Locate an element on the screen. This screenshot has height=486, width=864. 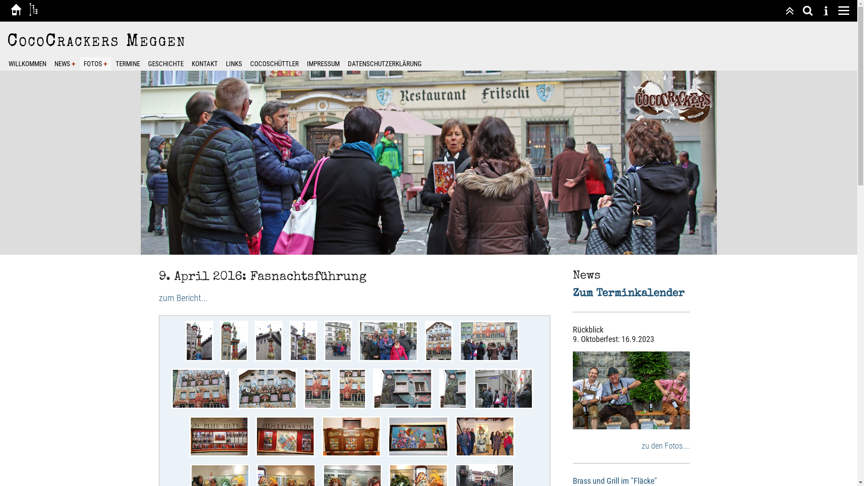
'NEWS' is located at coordinates (64, 63).